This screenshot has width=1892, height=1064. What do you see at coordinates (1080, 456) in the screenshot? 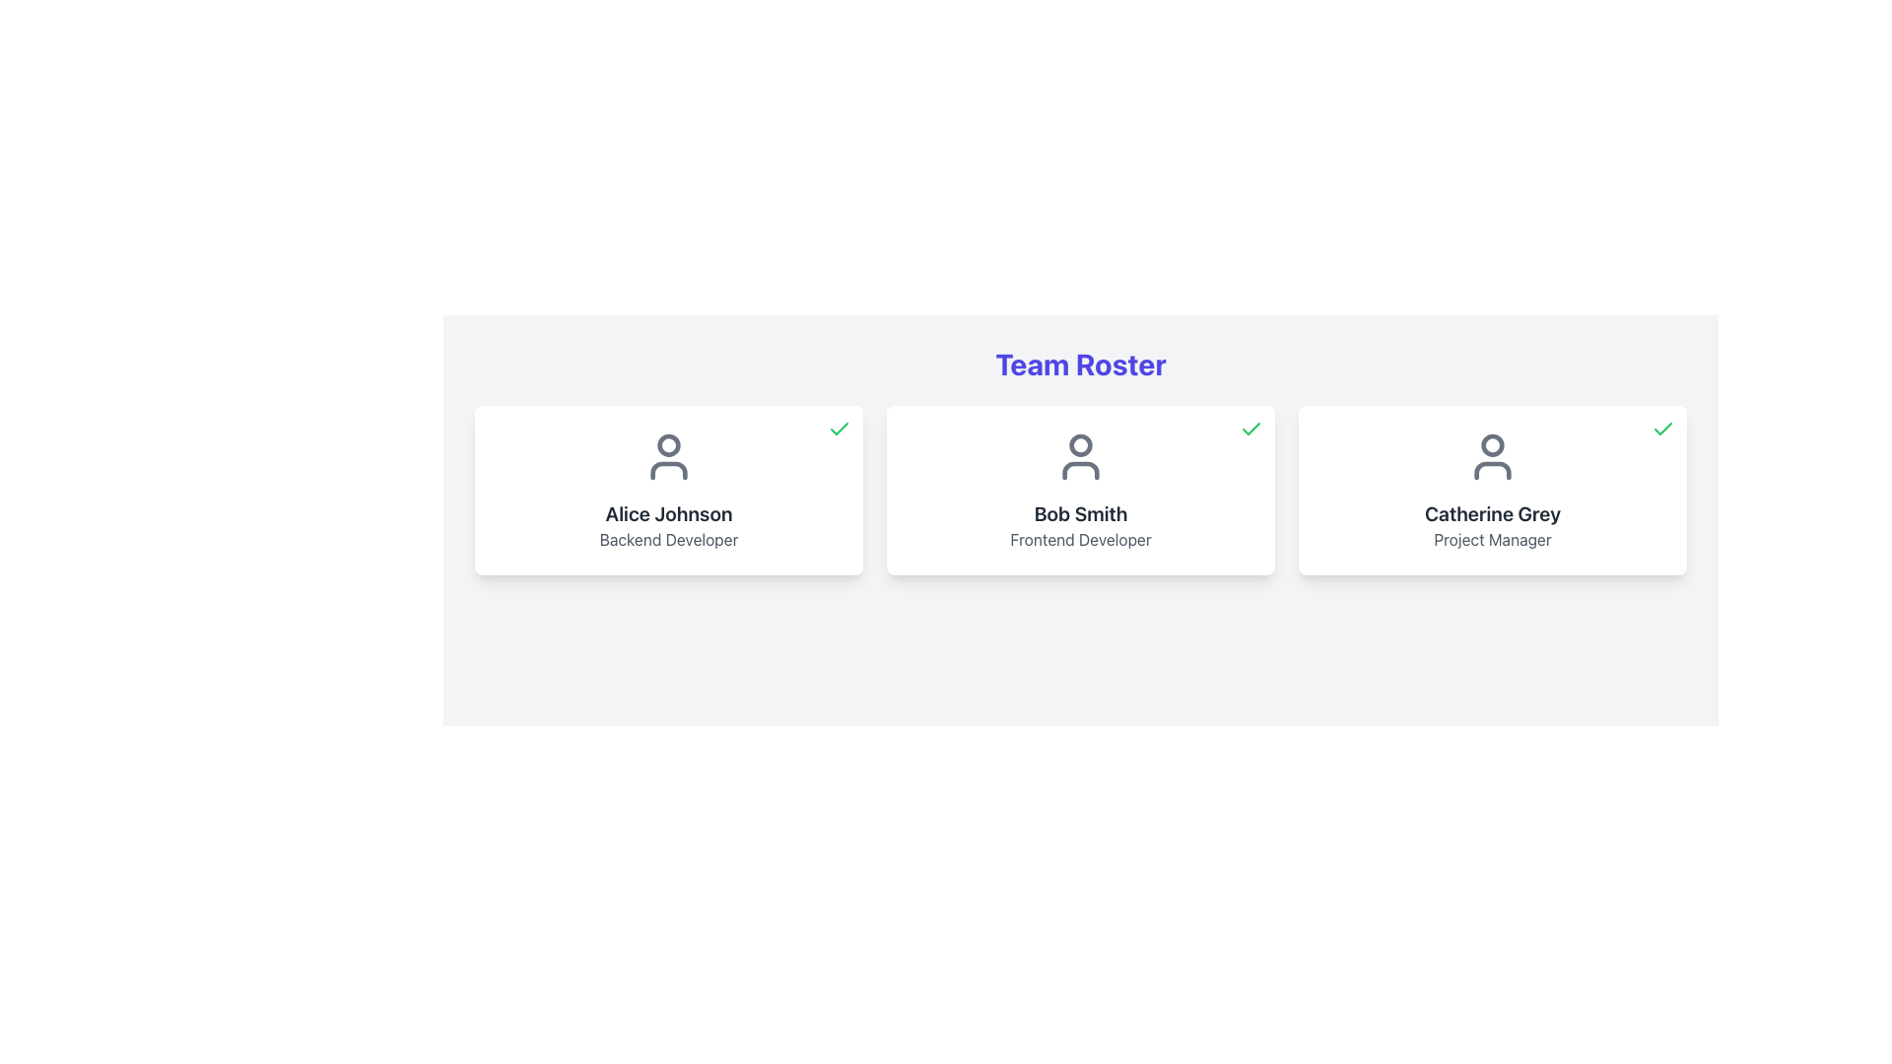
I see `the profile image icon representing 'Bob Smith' at the top-center of his card in the 'Team Roster'` at bounding box center [1080, 456].